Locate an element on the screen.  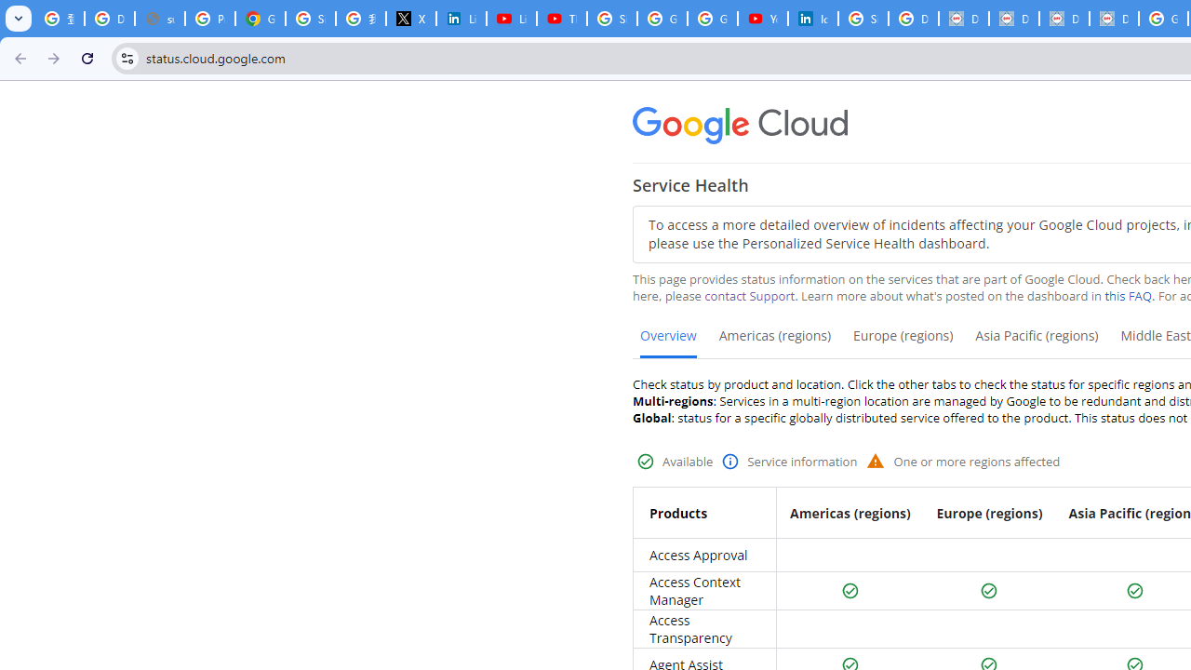
'X' is located at coordinates (409, 19).